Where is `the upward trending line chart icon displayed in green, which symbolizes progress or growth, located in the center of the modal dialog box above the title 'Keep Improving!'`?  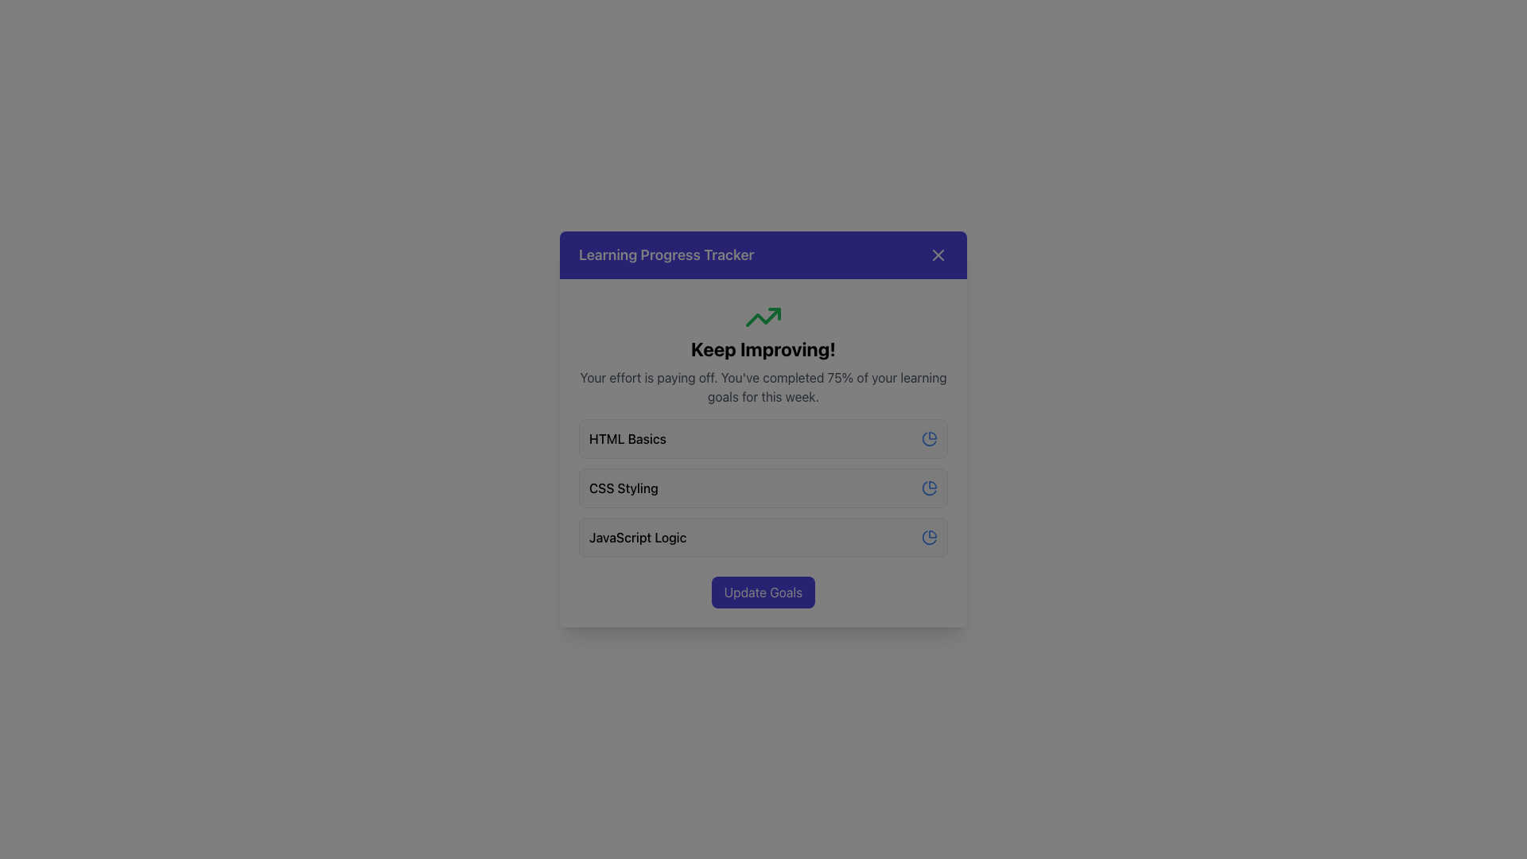
the upward trending line chart icon displayed in green, which symbolizes progress or growth, located in the center of the modal dialog box above the title 'Keep Improving!' is located at coordinates (763, 317).